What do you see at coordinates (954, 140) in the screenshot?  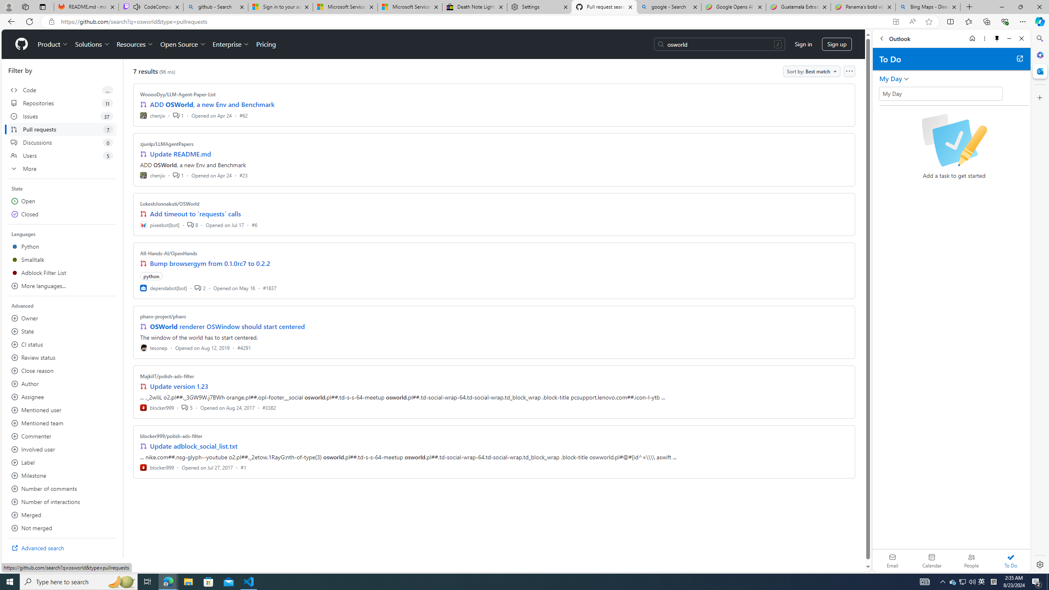 I see `'Checkbox with a pencil'` at bounding box center [954, 140].